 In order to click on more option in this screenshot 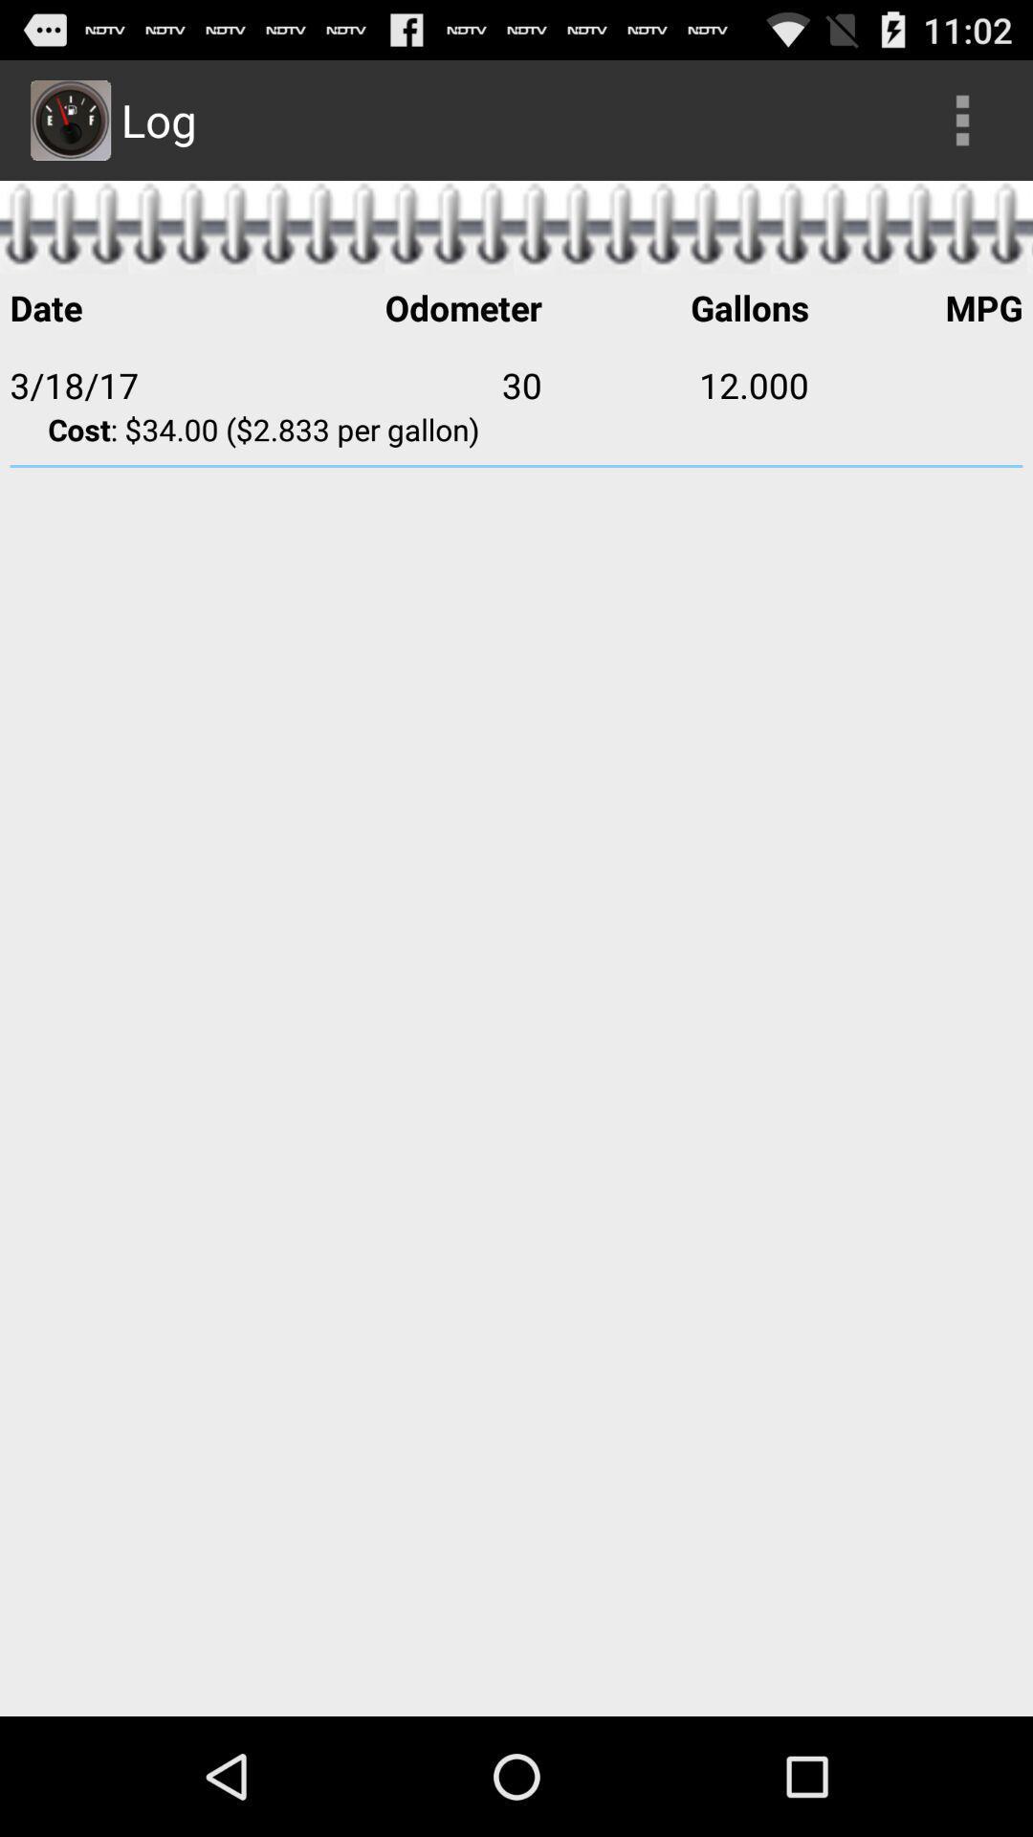, I will do `click(962, 119)`.